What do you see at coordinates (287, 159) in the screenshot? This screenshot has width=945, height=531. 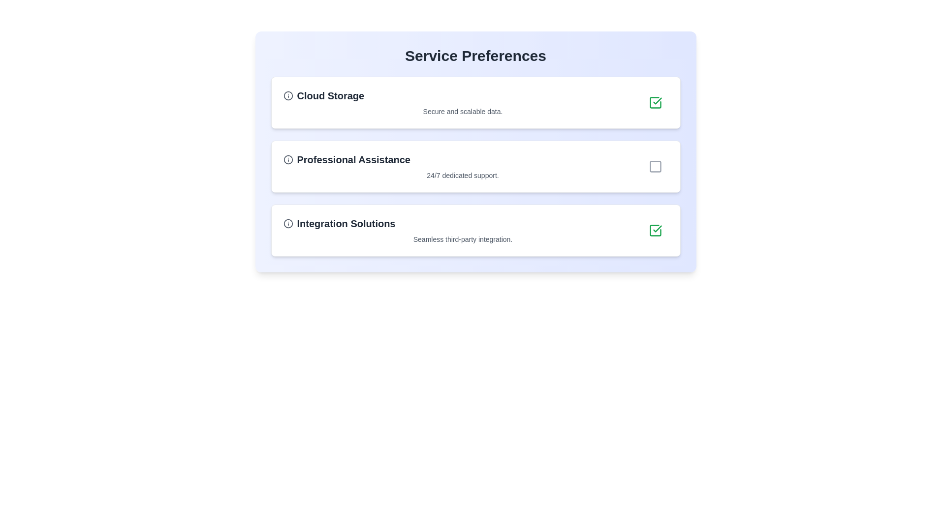 I see `the icon indicating more information about the 'Professional Assistance' service, which is positioned to the left of the text in the middle row of the card layout` at bounding box center [287, 159].